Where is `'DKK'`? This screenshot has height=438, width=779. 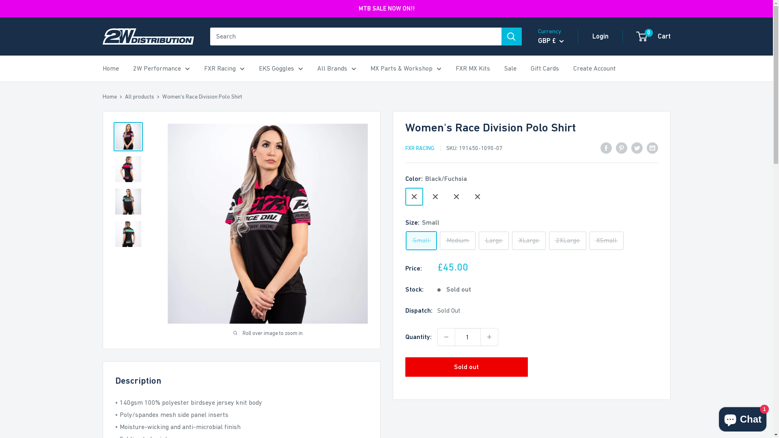 'DKK' is located at coordinates (539, 135).